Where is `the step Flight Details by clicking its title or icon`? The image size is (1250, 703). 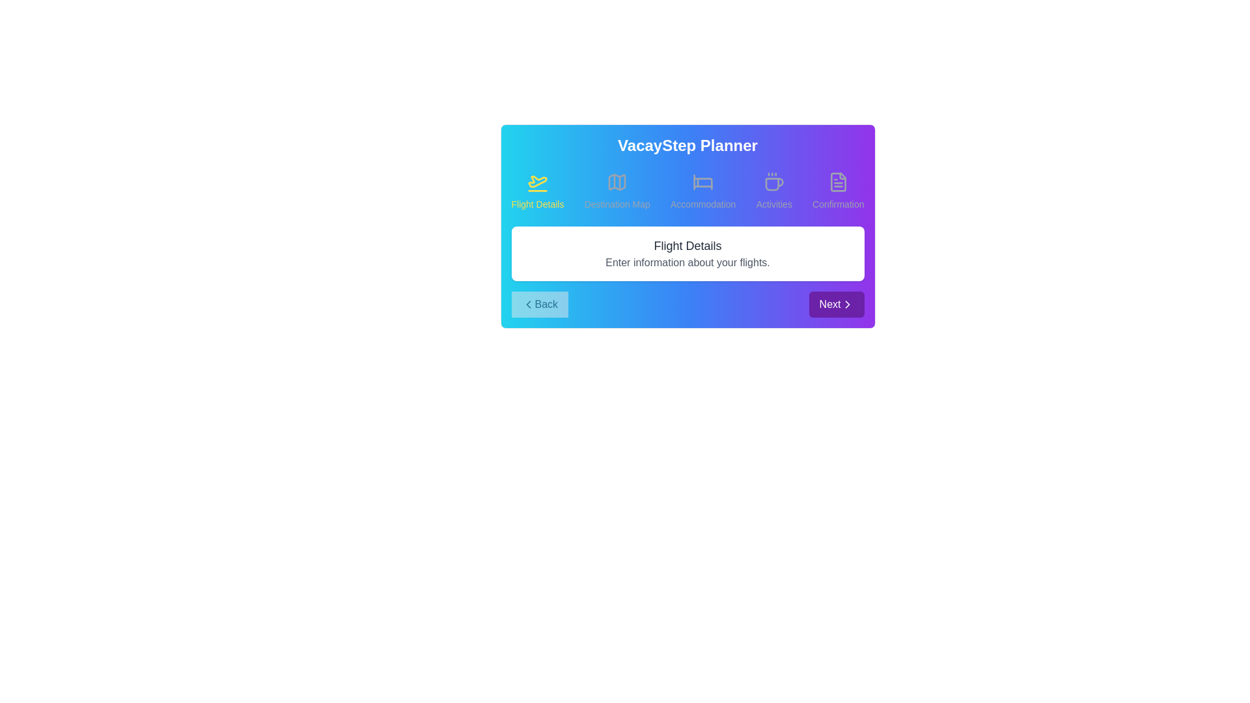
the step Flight Details by clicking its title or icon is located at coordinates (537, 191).